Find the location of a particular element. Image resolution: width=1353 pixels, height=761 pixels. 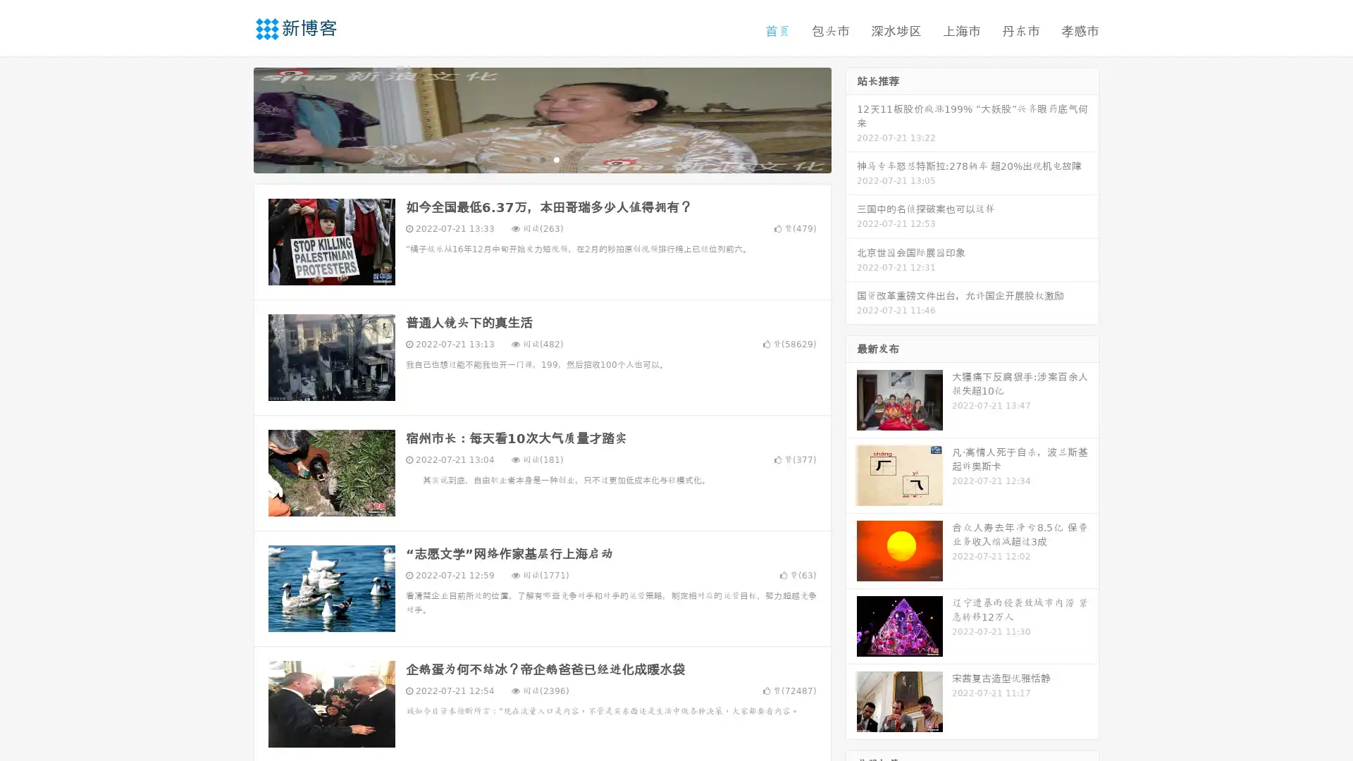

Go to slide 3 is located at coordinates (556, 159).